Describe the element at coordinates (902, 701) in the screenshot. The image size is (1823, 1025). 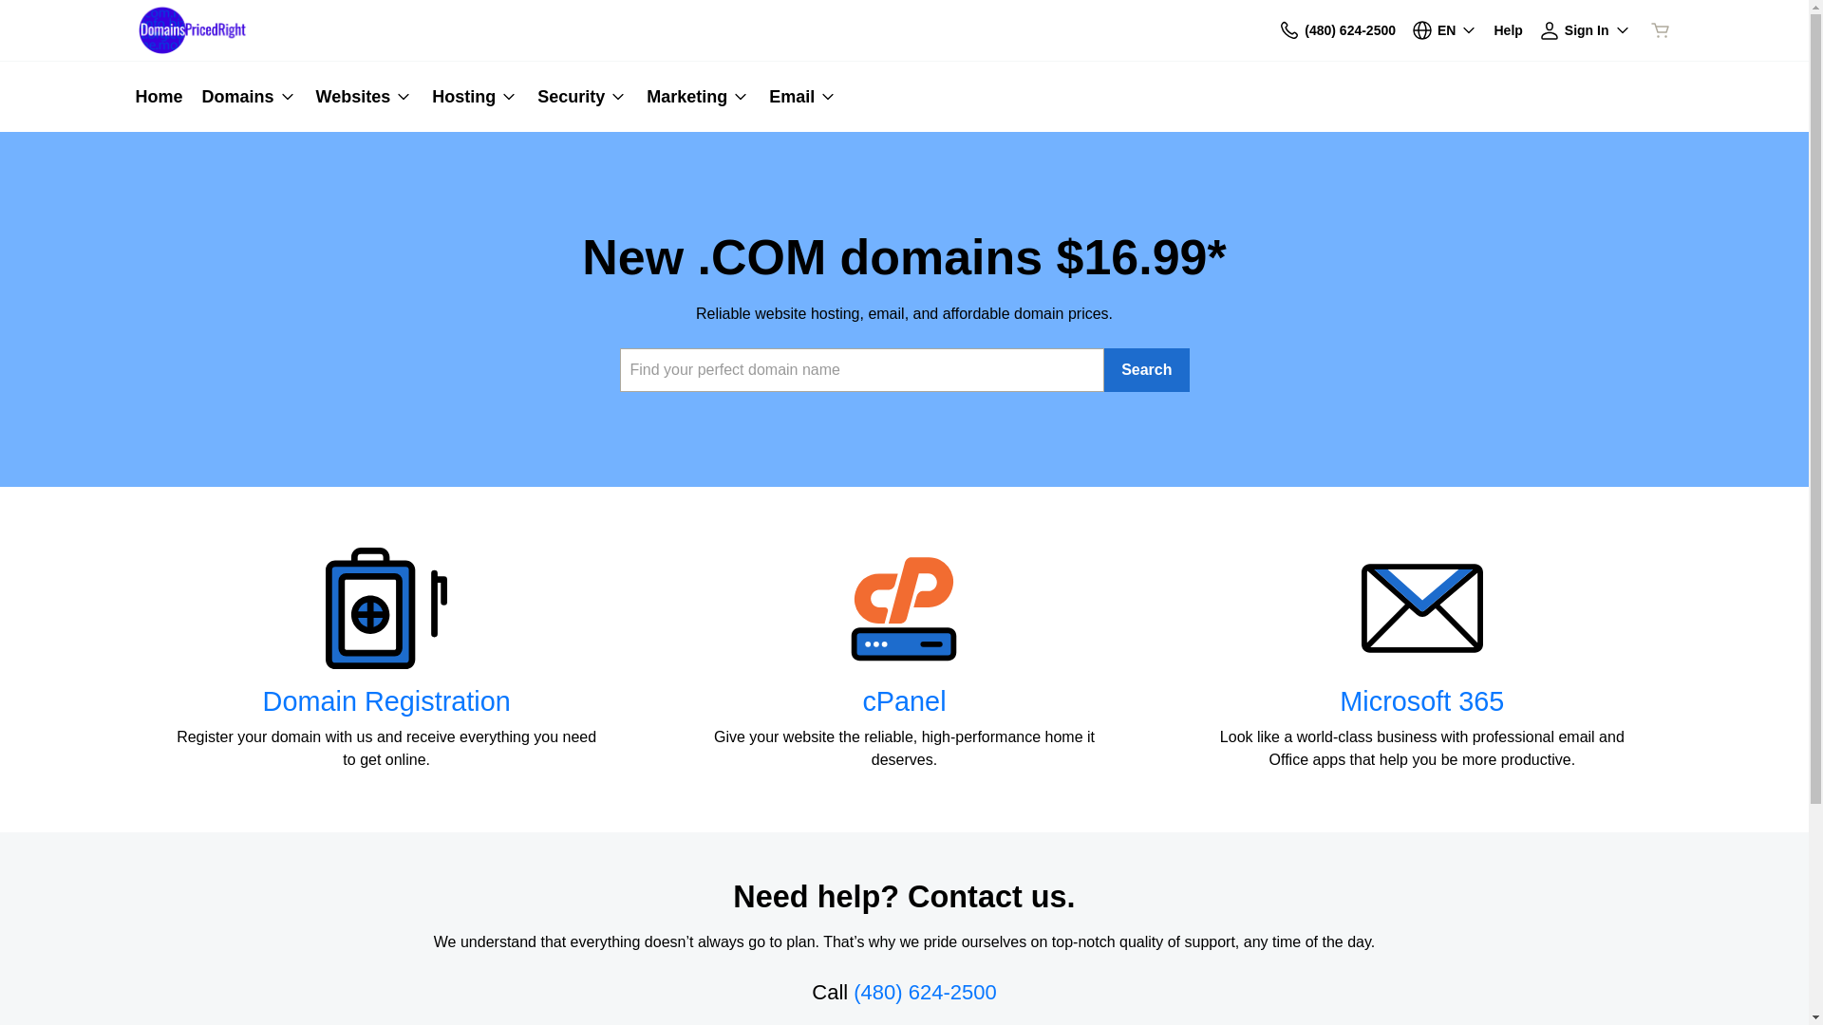
I see `'cPanel'` at that location.